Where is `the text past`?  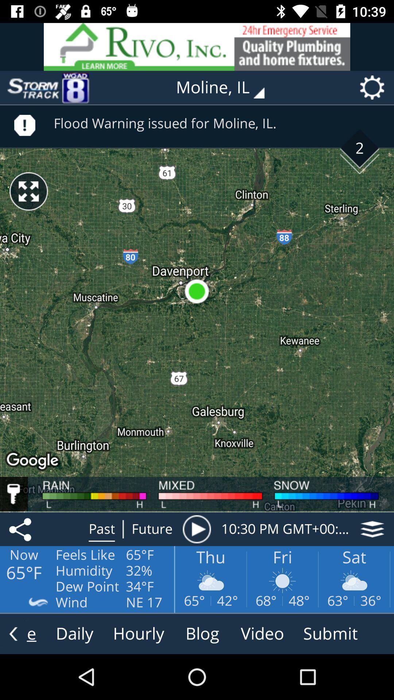
the text past is located at coordinates (101, 529).